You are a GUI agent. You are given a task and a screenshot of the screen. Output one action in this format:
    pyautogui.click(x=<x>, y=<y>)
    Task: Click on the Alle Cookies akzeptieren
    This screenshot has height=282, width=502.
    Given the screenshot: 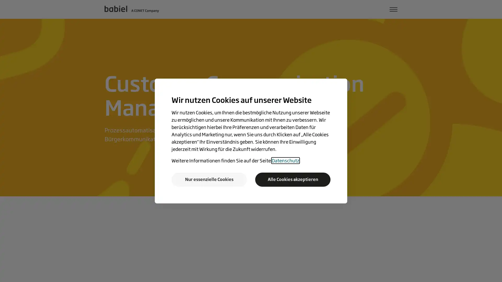 What is the action you would take?
    pyautogui.click(x=292, y=179)
    